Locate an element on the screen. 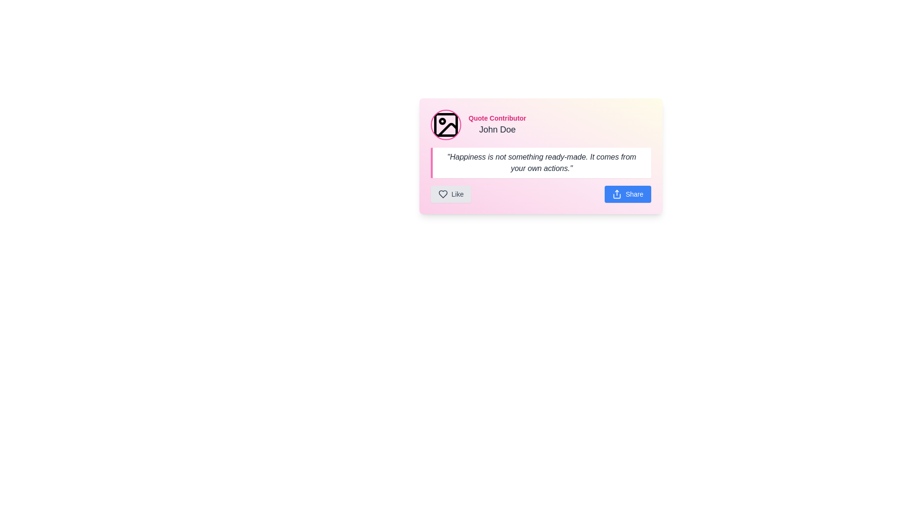 The height and width of the screenshot is (513, 912). the 'Like' button located in the bottom-left corner of the card layout is located at coordinates (450, 193).